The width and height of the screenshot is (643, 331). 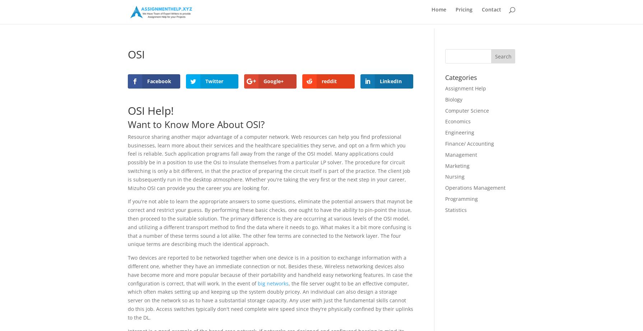 I want to click on 'Engineering', so click(x=459, y=132).